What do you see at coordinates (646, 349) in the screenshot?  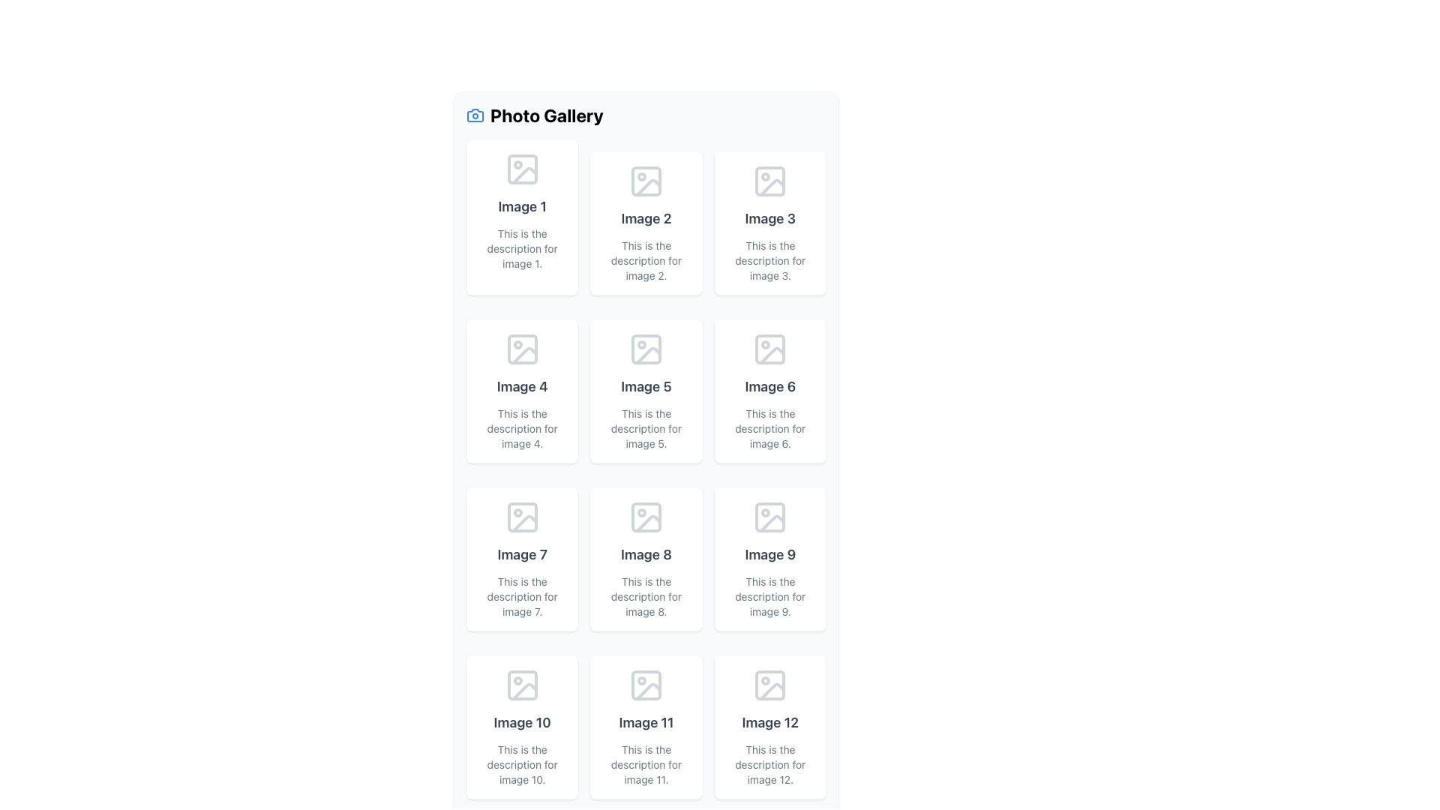 I see `the small square decorative graphic element with rounded corners located in the 'Image 5' placeholder` at bounding box center [646, 349].